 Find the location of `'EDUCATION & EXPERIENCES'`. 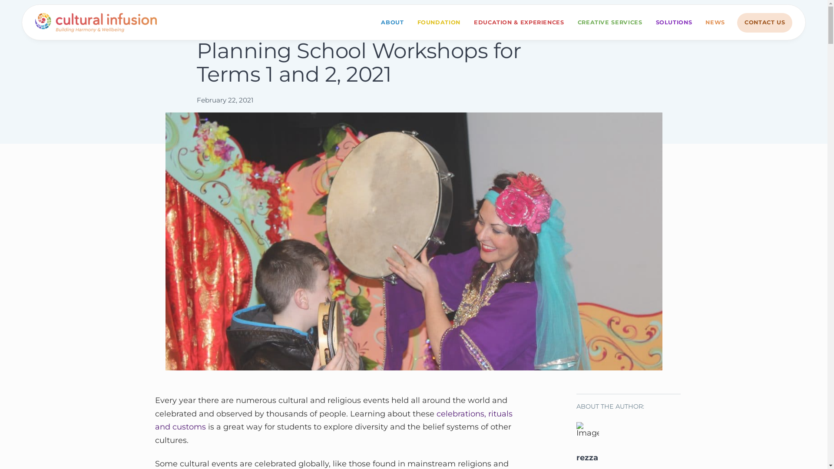

'EDUCATION & EXPERIENCES' is located at coordinates (519, 22).